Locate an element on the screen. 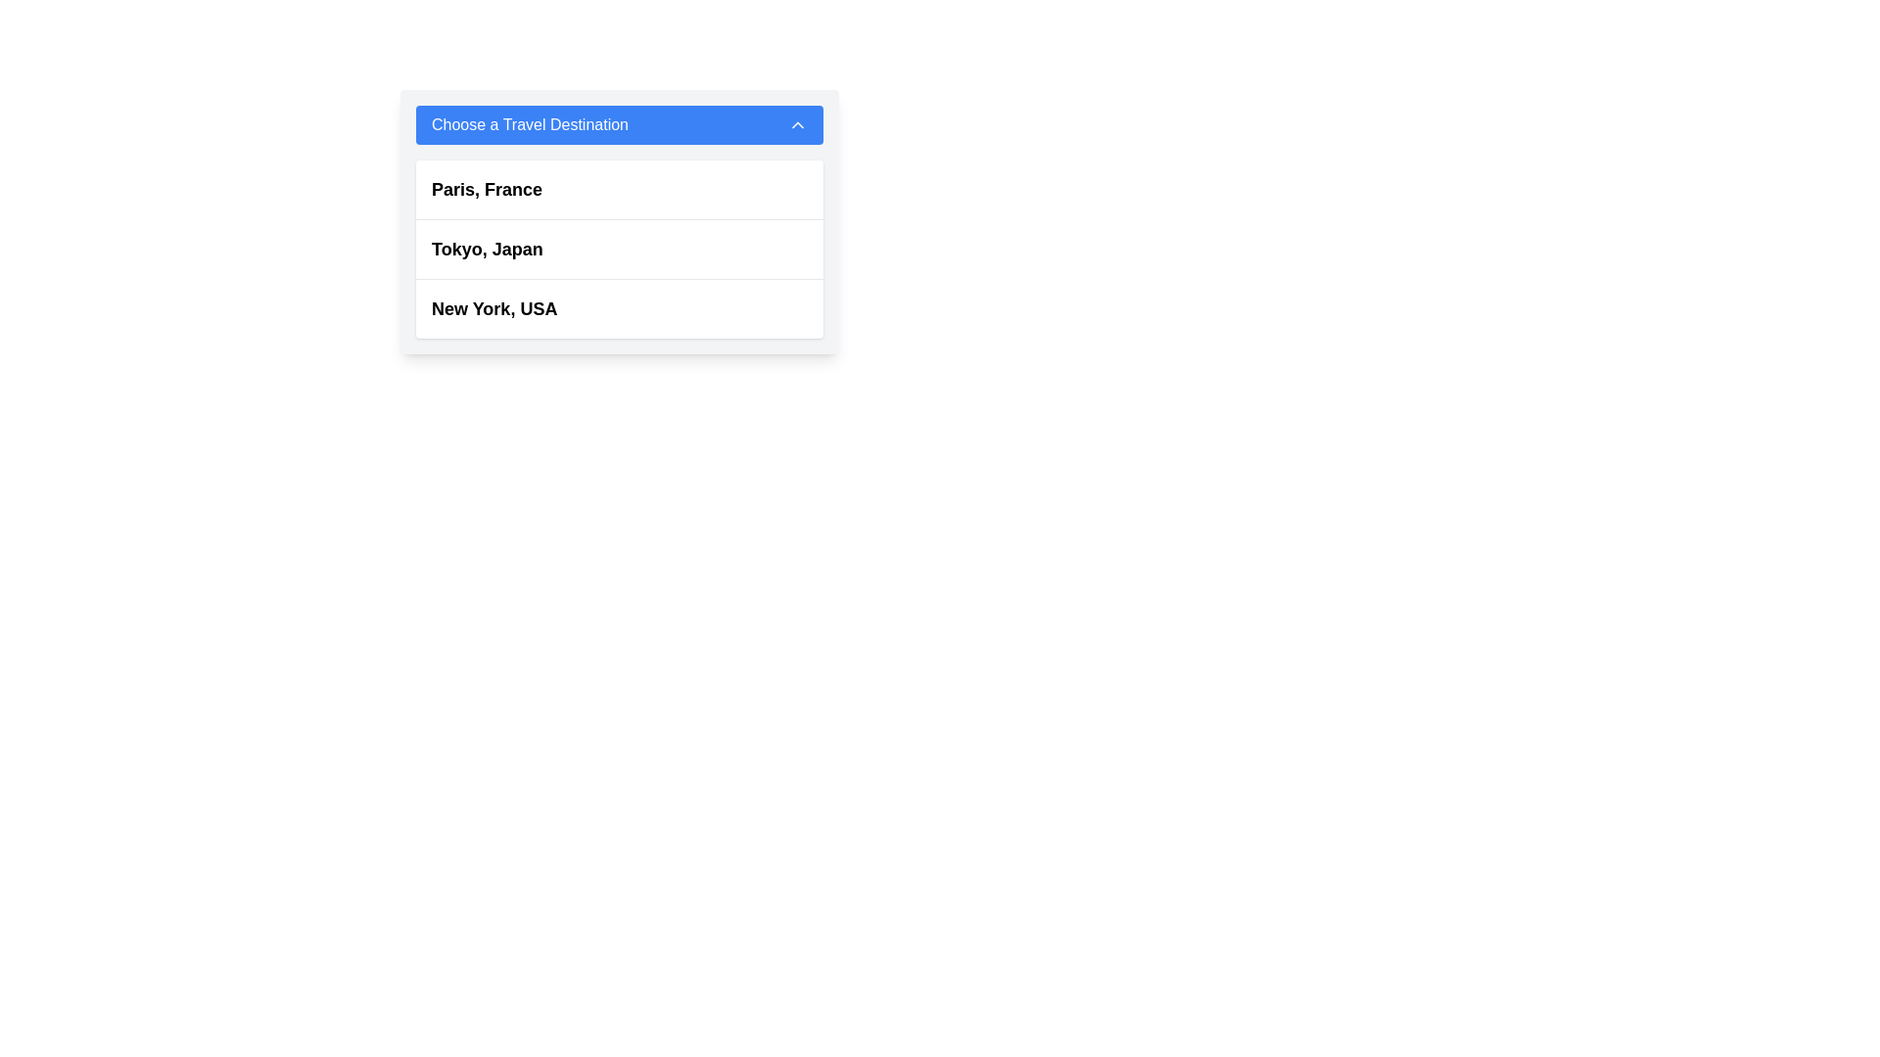 This screenshot has height=1057, width=1880. the Dropdown-style selection menu for travel destinations is located at coordinates (619, 221).